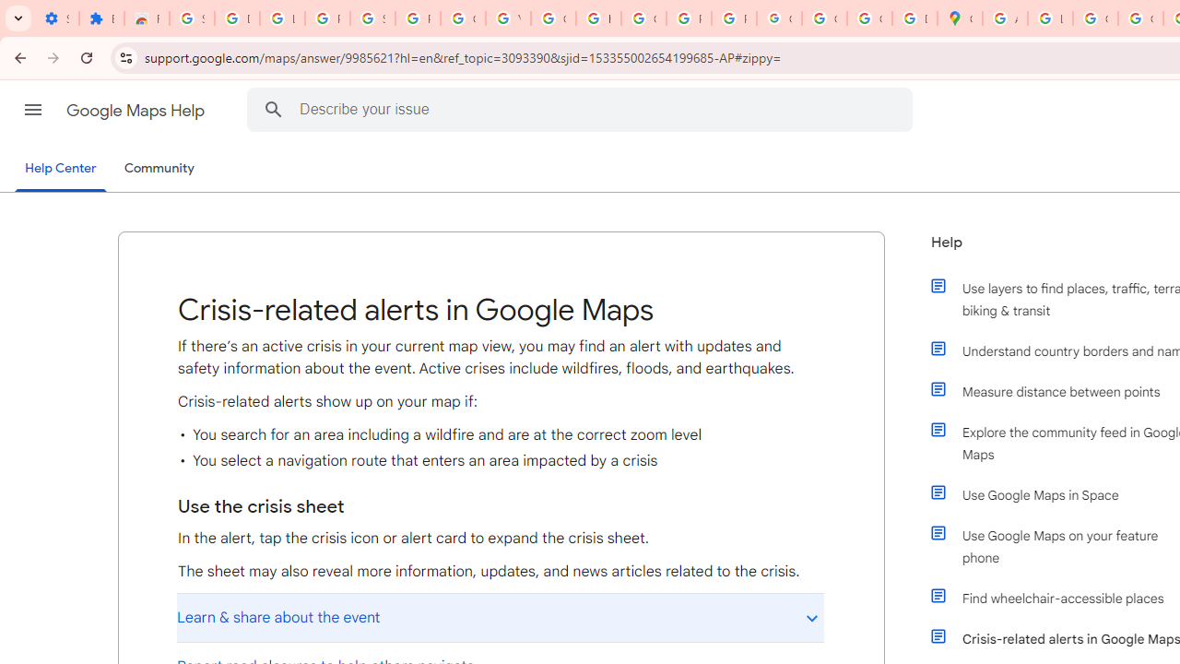  What do you see at coordinates (959, 18) in the screenshot?
I see `'Google Maps'` at bounding box center [959, 18].